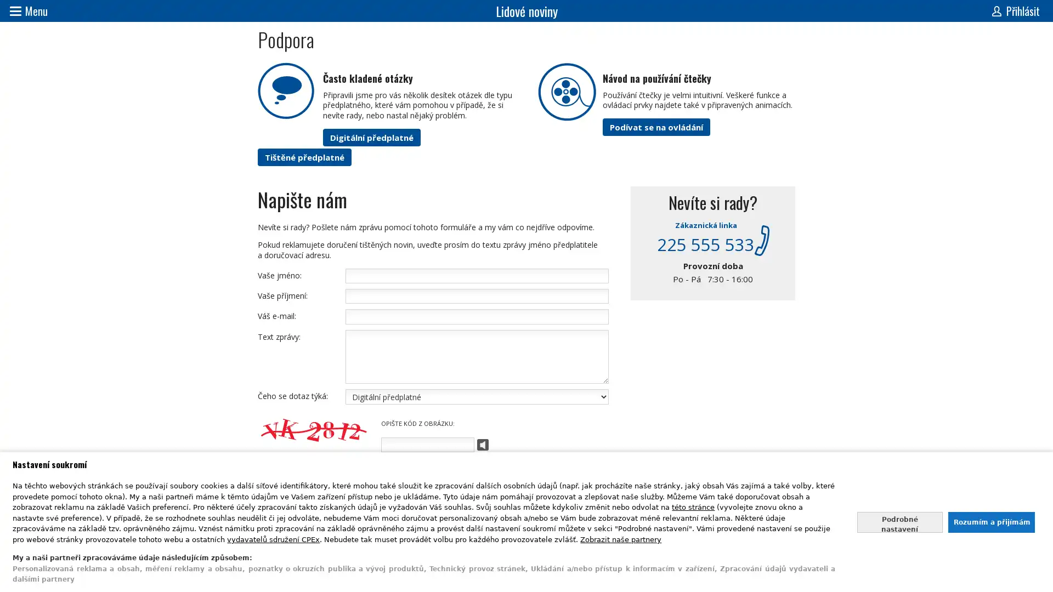 The height and width of the screenshot is (592, 1053). What do you see at coordinates (569, 469) in the screenshot?
I see `Odeslat zpravu` at bounding box center [569, 469].